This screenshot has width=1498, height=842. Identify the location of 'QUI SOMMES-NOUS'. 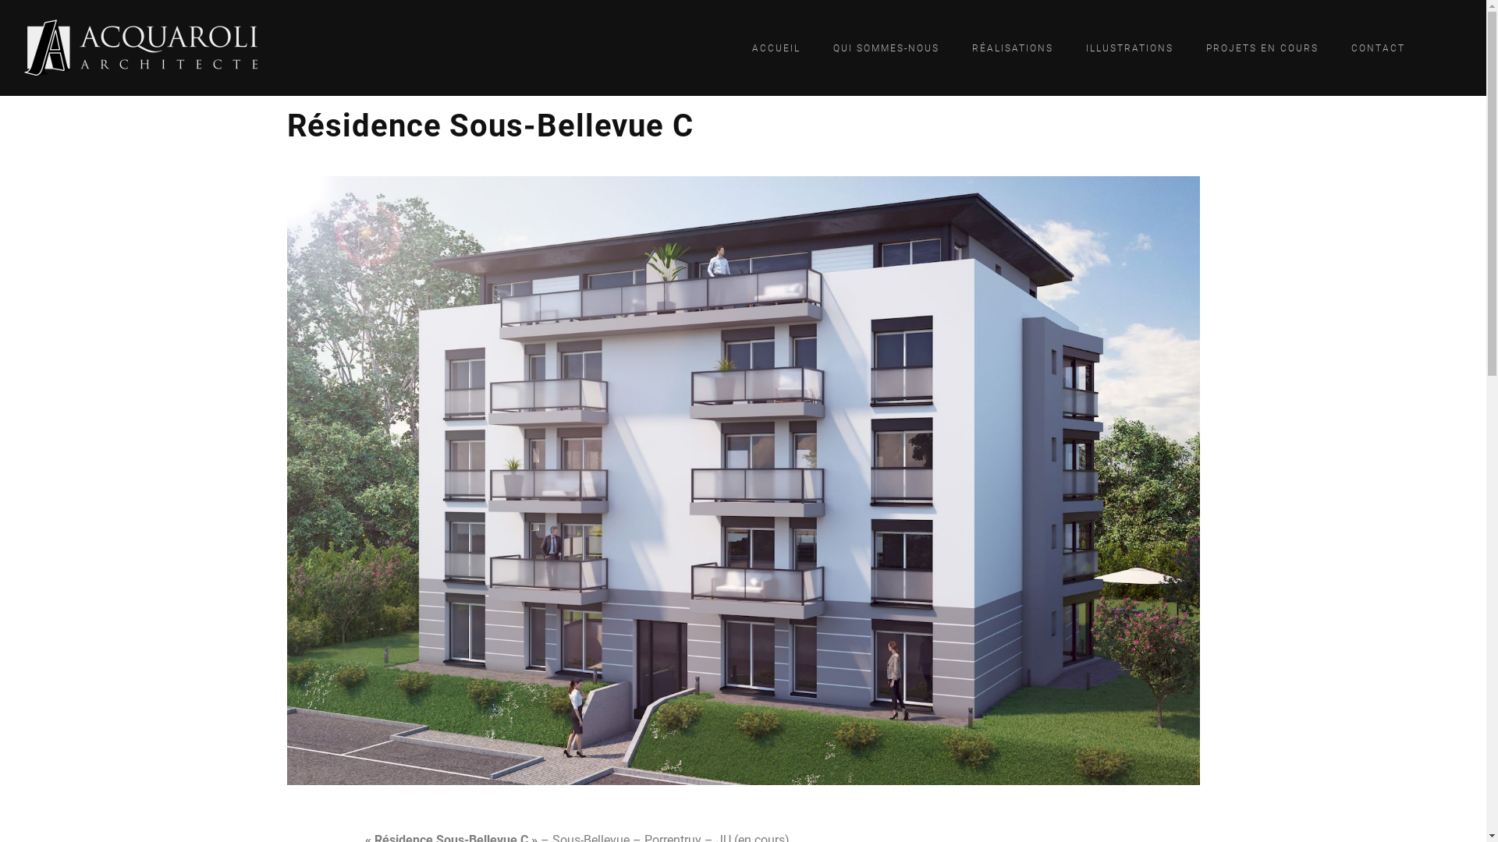
(886, 47).